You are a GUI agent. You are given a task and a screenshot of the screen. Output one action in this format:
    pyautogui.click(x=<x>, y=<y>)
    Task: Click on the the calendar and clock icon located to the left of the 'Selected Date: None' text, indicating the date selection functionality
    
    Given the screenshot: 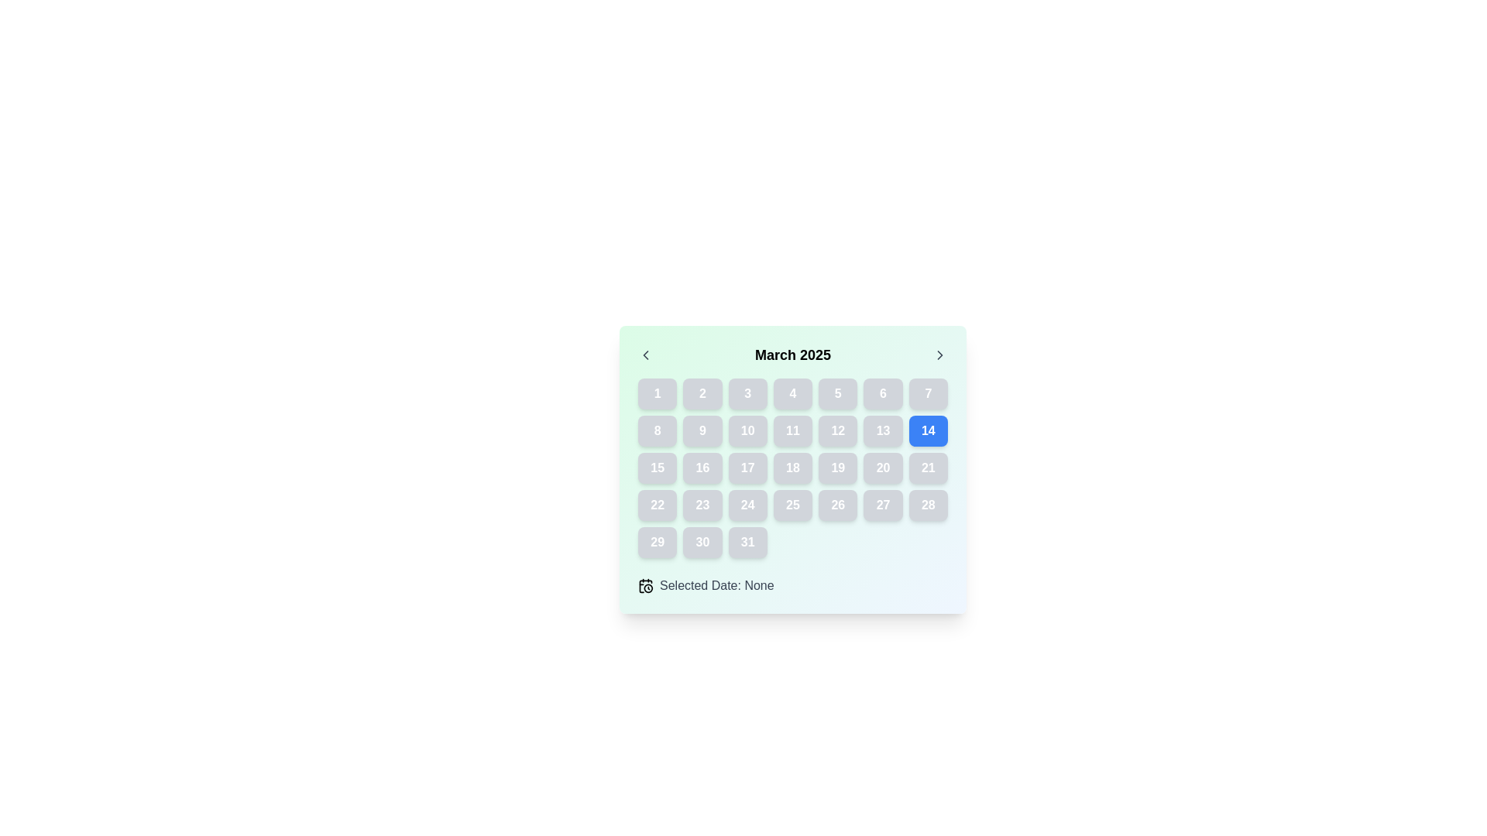 What is the action you would take?
    pyautogui.click(x=646, y=585)
    